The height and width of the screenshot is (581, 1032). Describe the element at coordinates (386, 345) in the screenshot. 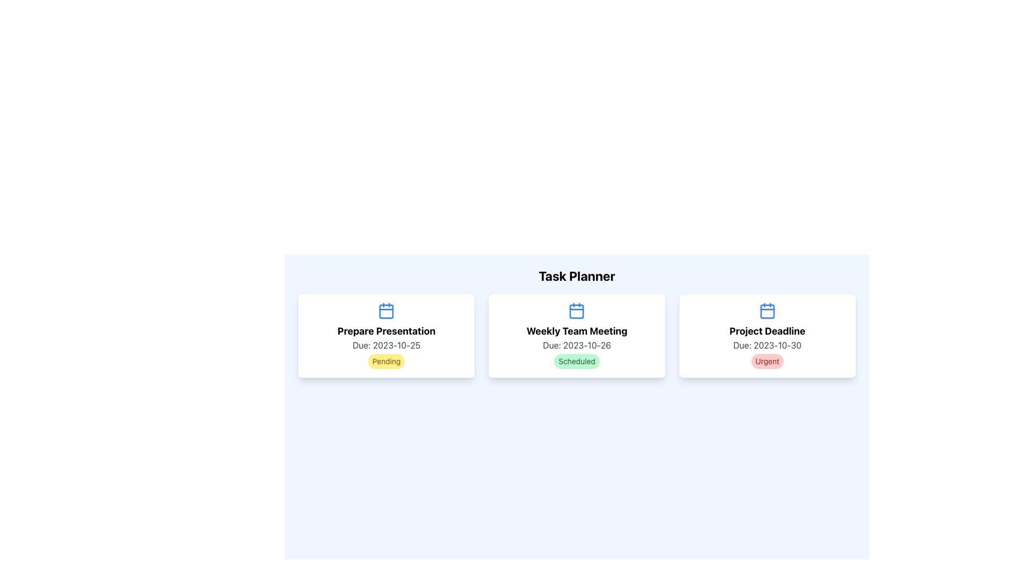

I see `due date information from the text field located below the title 'Prepare Presentation' and above the status badge 'Pending' in the leftmost card` at that location.